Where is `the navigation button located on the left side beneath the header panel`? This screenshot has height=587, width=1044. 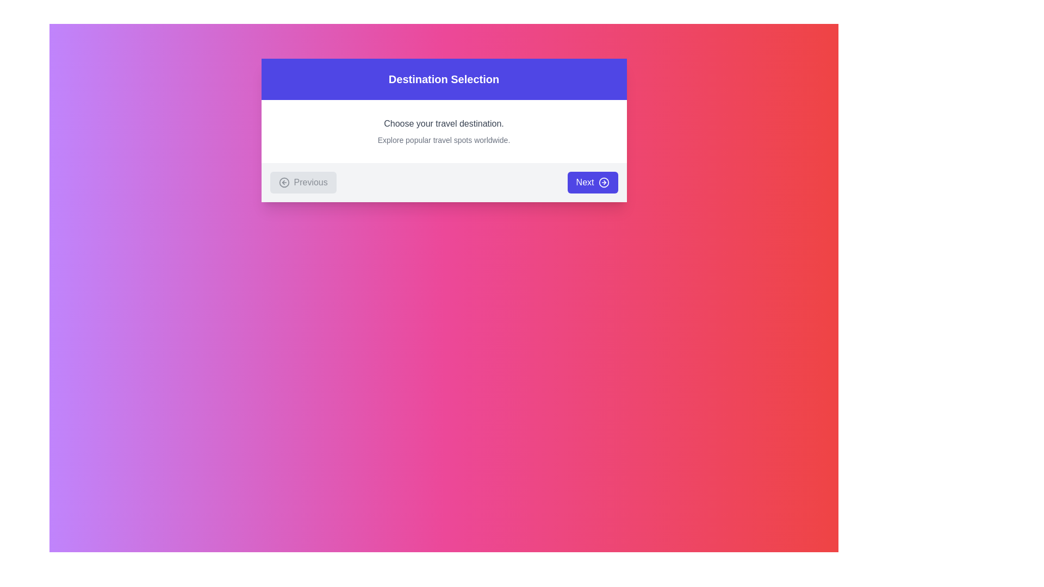 the navigation button located on the left side beneath the header panel is located at coordinates (303, 182).